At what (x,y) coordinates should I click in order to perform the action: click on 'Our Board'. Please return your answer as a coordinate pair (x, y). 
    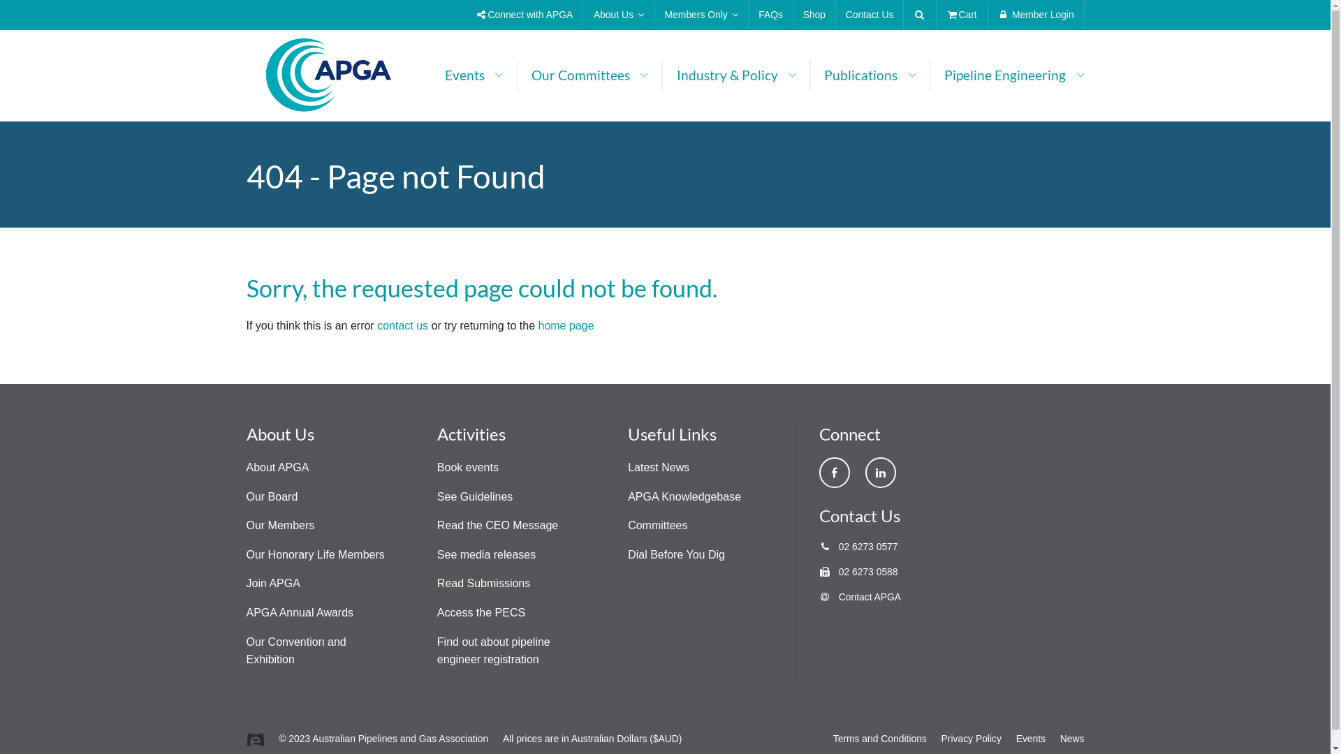
    Looking at the image, I should click on (245, 496).